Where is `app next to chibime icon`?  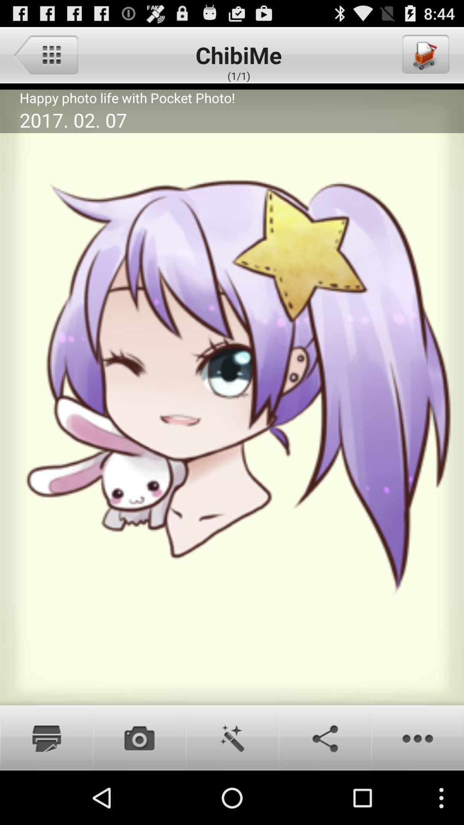 app next to chibime icon is located at coordinates (46, 54).